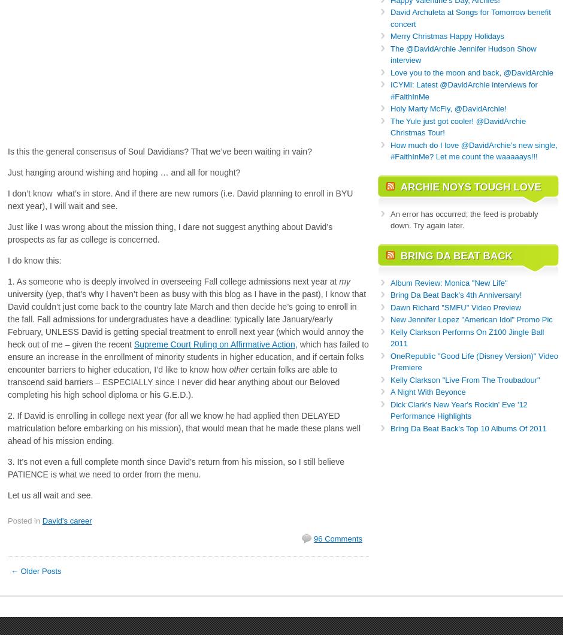 This screenshot has width=563, height=635. I want to click on 'New Jennifer Lopez "American Idol" Promo Pic', so click(471, 319).